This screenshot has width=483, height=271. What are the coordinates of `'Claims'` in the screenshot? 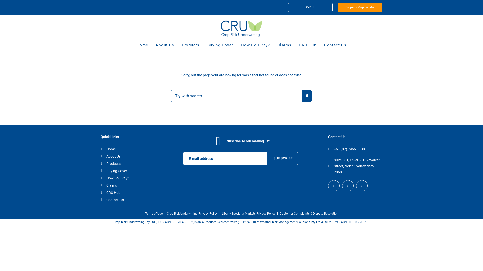 It's located at (277, 47).